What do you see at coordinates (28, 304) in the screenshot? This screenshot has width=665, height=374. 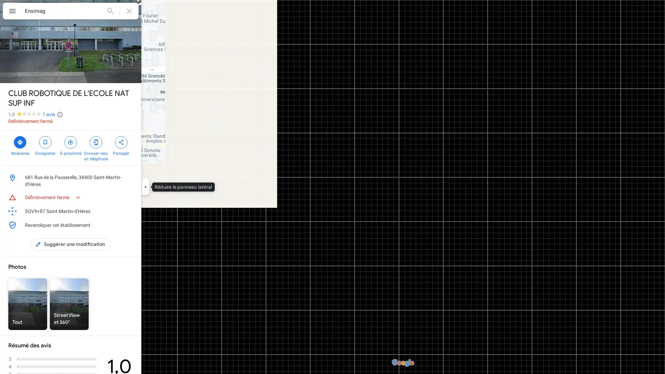 I see `Tout` at bounding box center [28, 304].